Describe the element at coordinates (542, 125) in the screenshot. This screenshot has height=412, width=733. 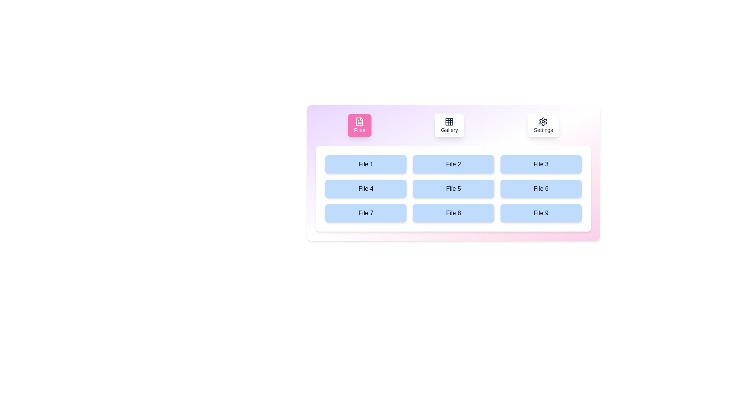
I see `the Settings tab by clicking its button` at that location.